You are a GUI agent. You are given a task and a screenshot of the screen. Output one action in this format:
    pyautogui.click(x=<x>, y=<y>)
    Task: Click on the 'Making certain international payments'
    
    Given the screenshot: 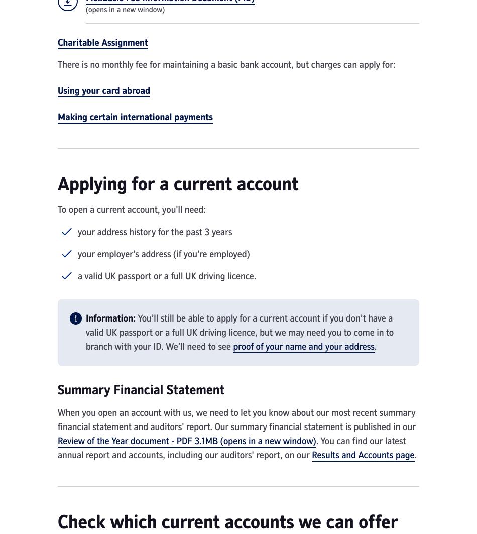 What is the action you would take?
    pyautogui.click(x=135, y=117)
    